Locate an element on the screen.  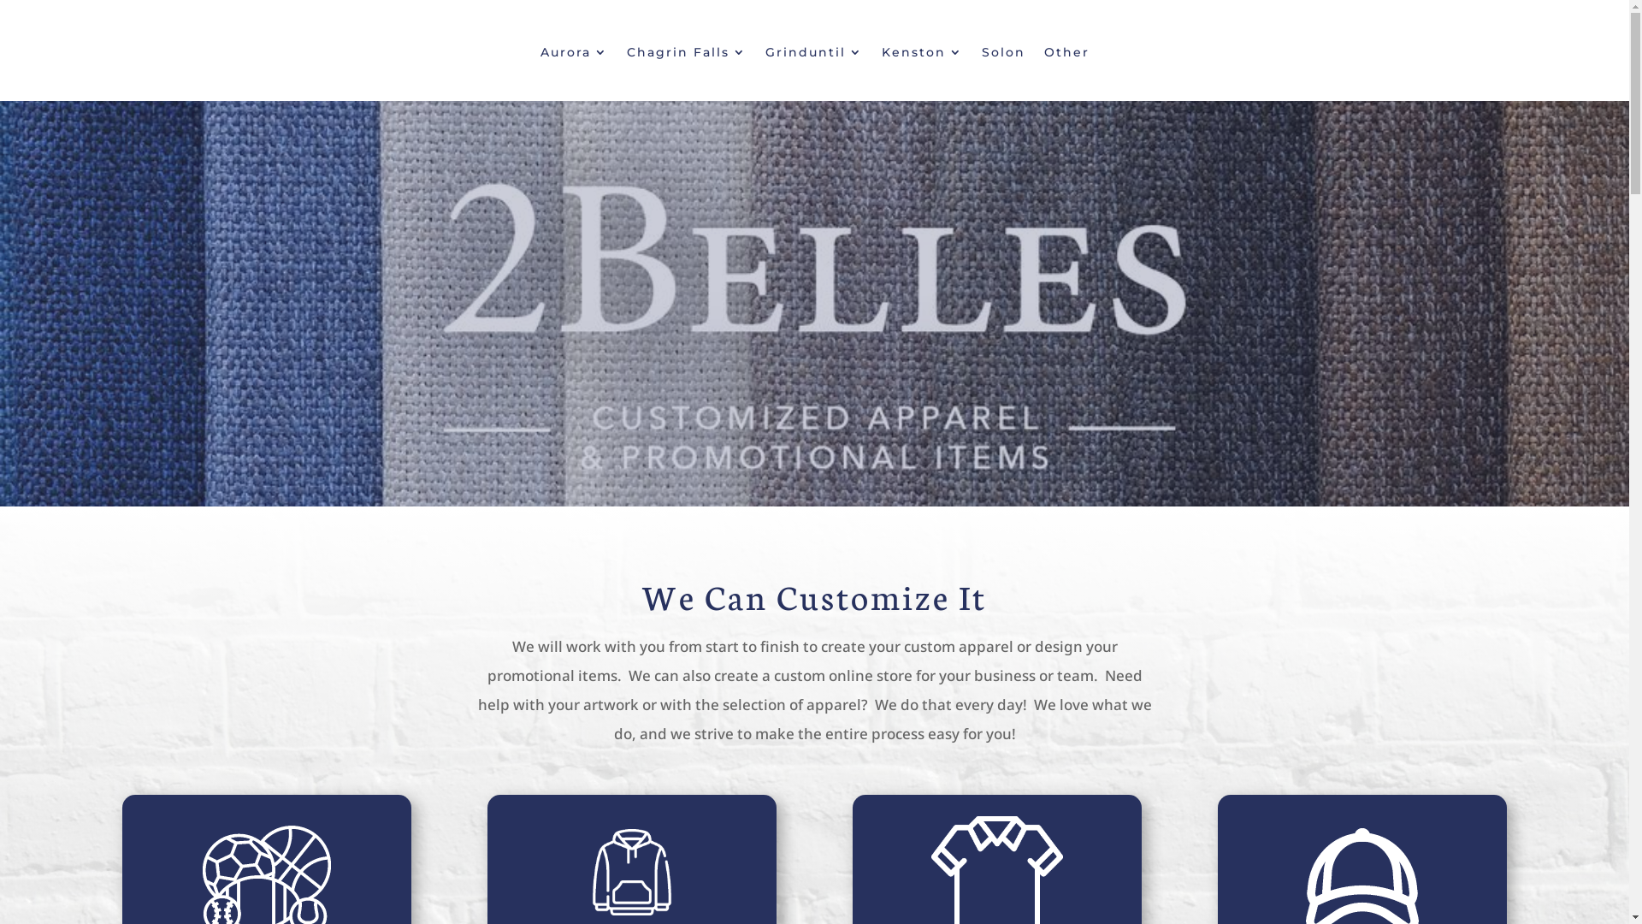
'Solon' is located at coordinates (1003, 55).